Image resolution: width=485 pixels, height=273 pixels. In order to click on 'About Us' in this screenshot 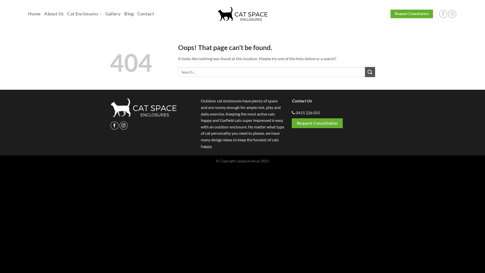, I will do `click(54, 13)`.